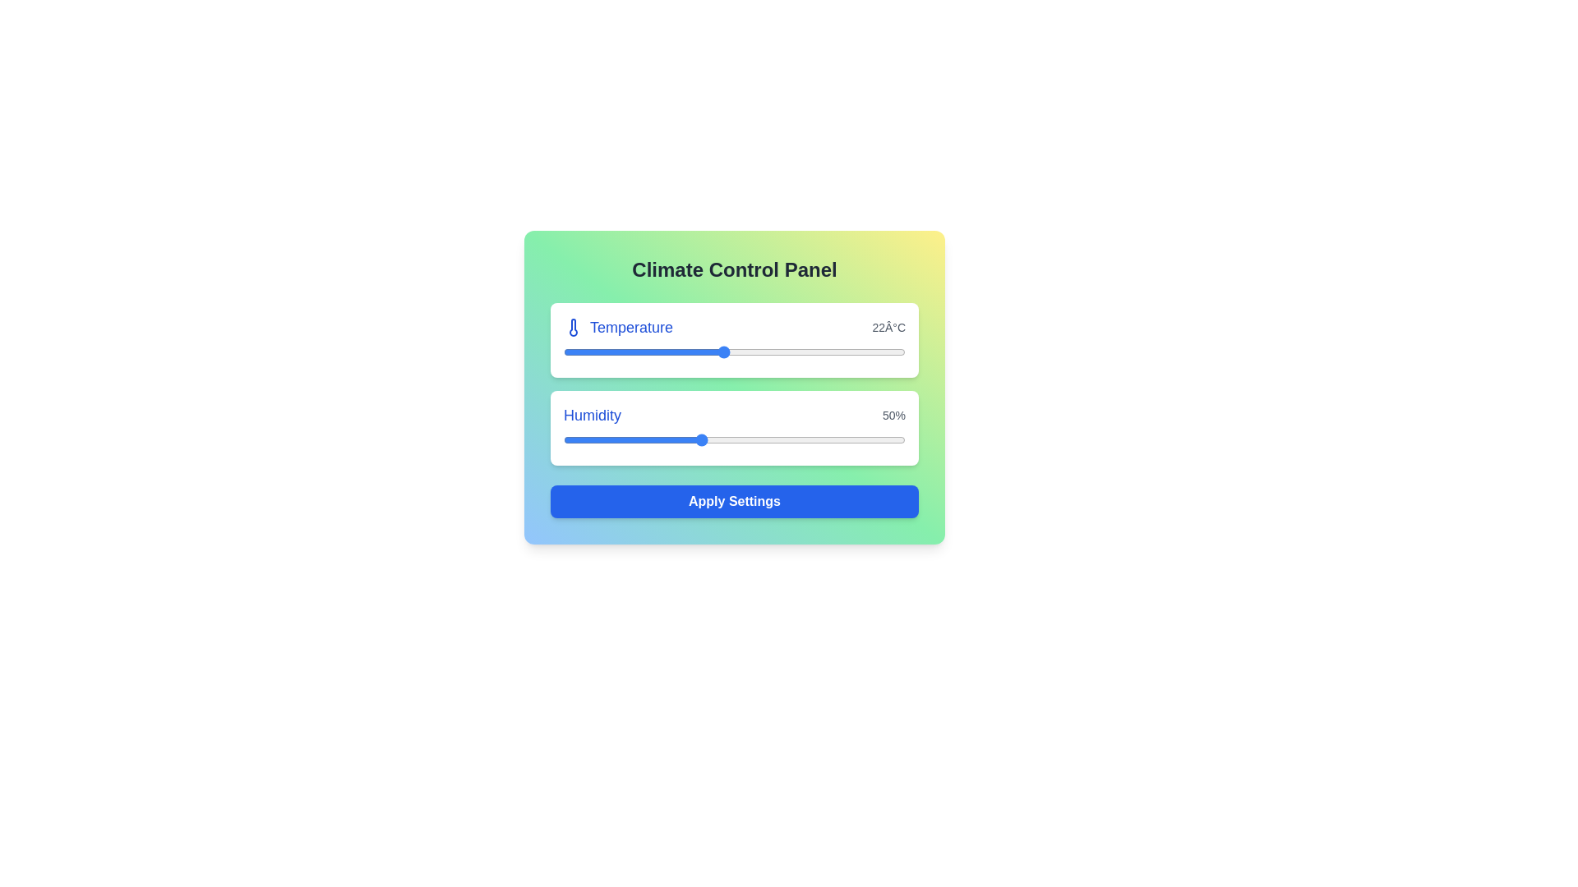  I want to click on the sliders on the 'Climate Control Panel' to adjust the values for Temperature and Humidity, so click(733, 387).